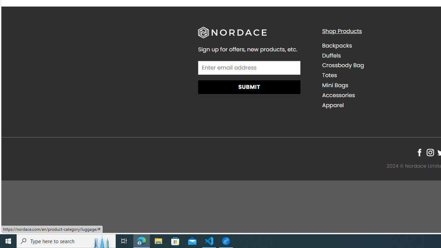  I want to click on 'Follow on Instagram', so click(430, 152).